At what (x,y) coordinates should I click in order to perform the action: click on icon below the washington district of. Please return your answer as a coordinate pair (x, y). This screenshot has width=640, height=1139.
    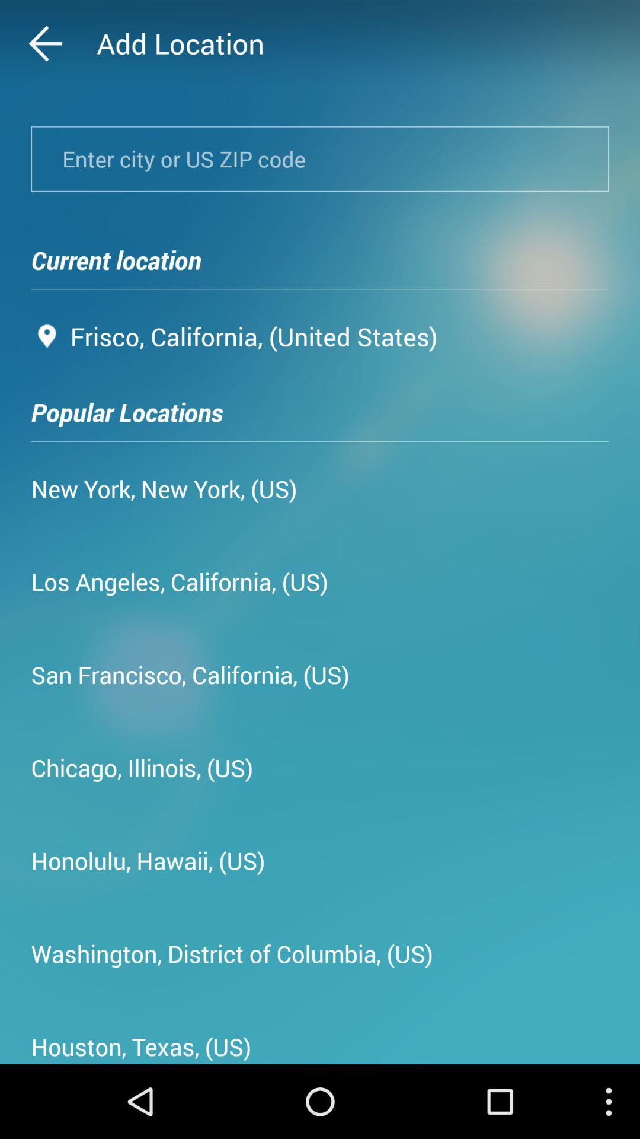
    Looking at the image, I should click on (140, 1042).